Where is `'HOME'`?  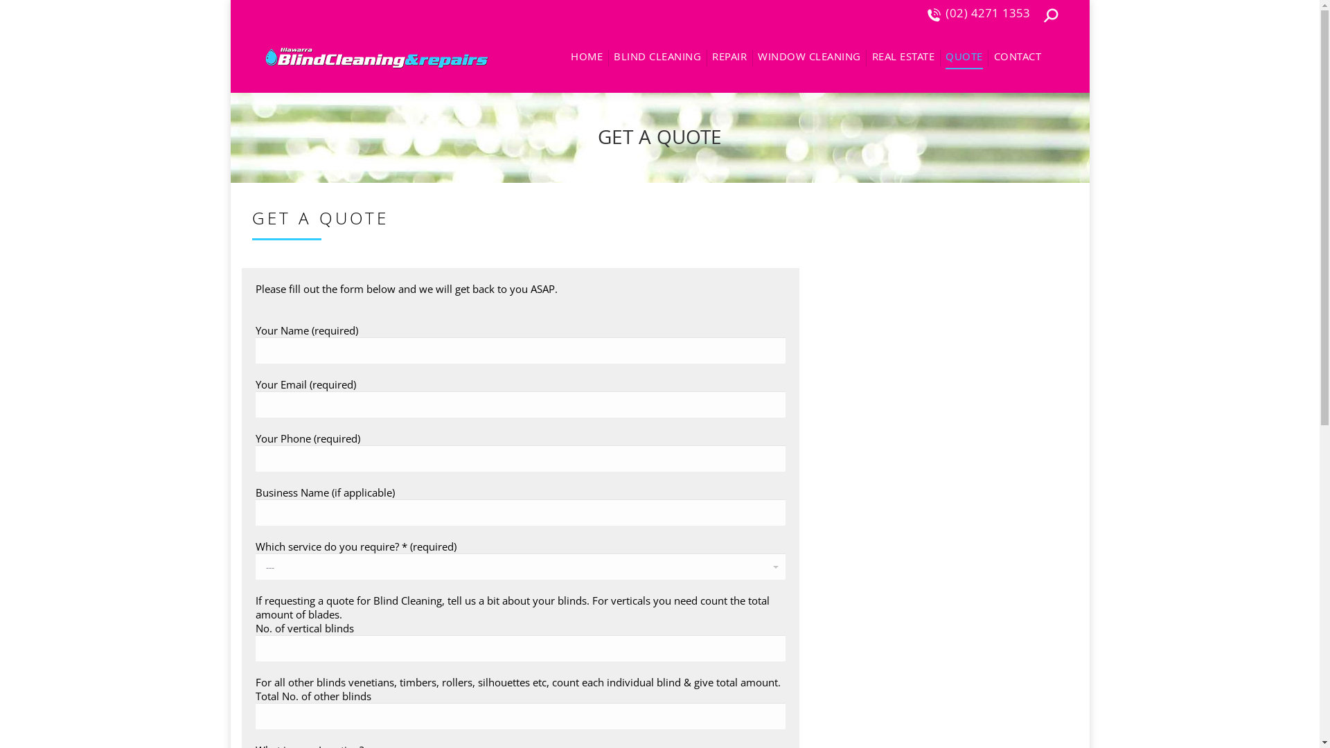
'HOME' is located at coordinates (586, 57).